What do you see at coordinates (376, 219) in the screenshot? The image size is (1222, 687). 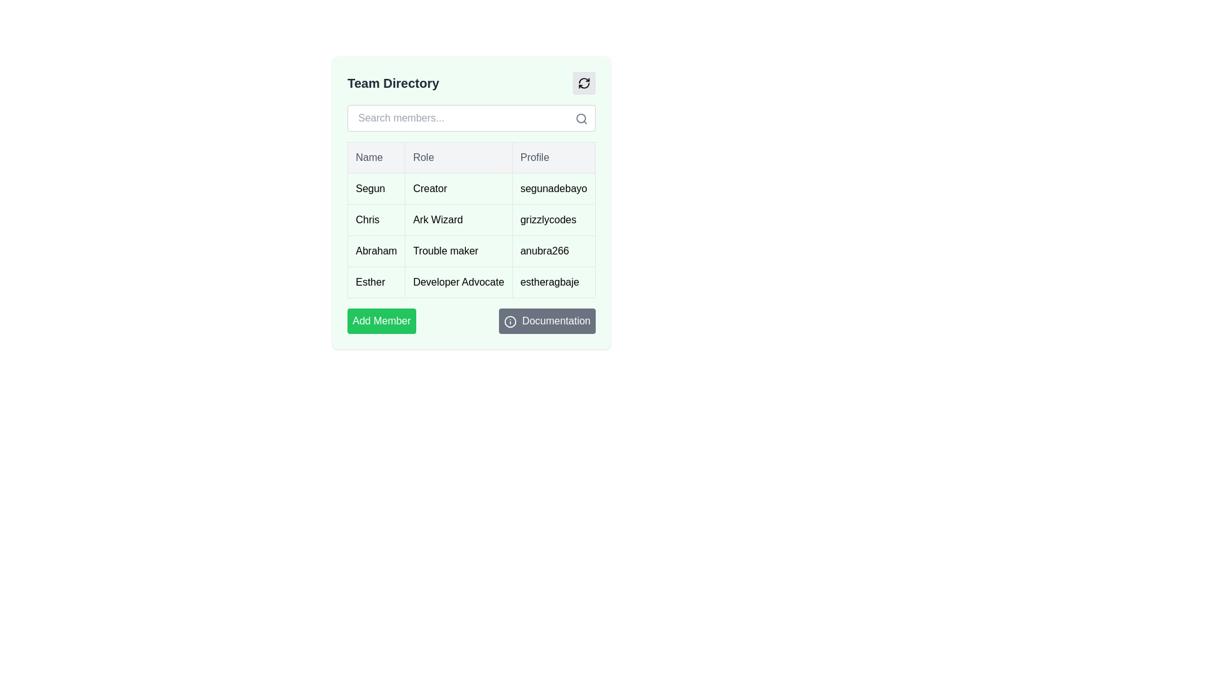 I see `the static text display showing a person's name in the directory list under the 'Name' column` at bounding box center [376, 219].